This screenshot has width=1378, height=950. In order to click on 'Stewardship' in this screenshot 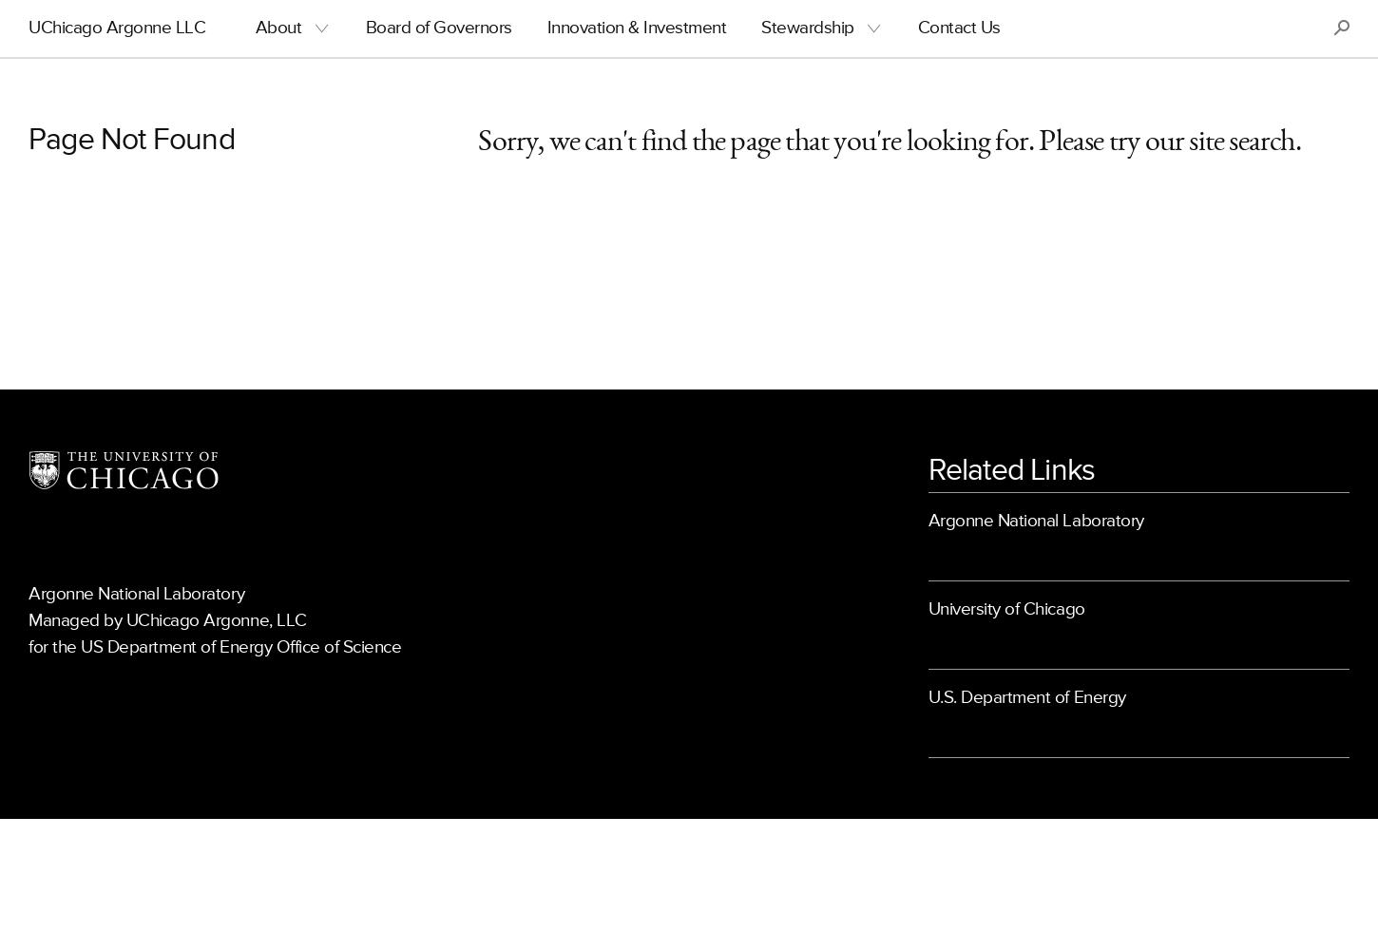, I will do `click(806, 28)`.